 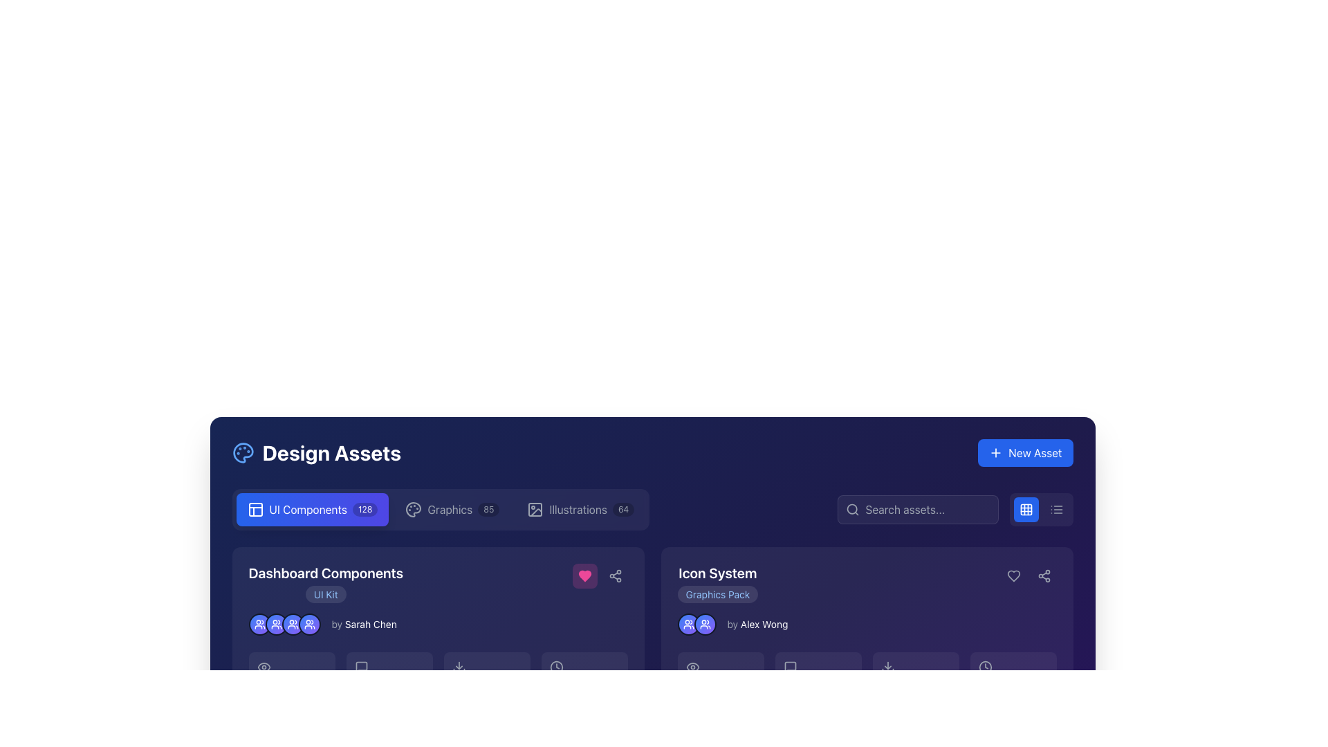 What do you see at coordinates (1026, 509) in the screenshot?
I see `the grid icon toggle button located in the top bar, positioned between the search bar and a similar toggle button` at bounding box center [1026, 509].